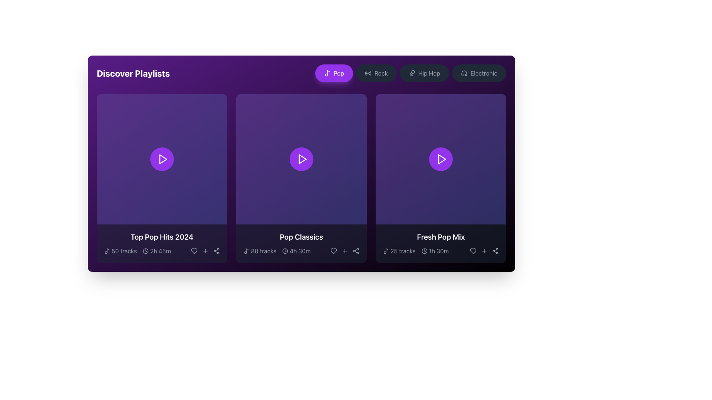 The width and height of the screenshot is (712, 400). What do you see at coordinates (345, 251) in the screenshot?
I see `the '+' icon button in the bottom middle section of the 'Pop Classics' playlist card` at bounding box center [345, 251].